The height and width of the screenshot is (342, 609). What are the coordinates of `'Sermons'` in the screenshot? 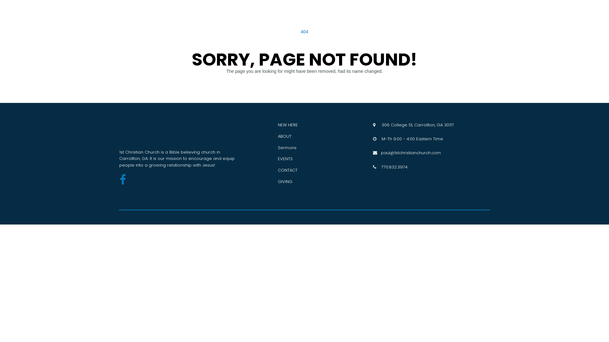 It's located at (287, 148).